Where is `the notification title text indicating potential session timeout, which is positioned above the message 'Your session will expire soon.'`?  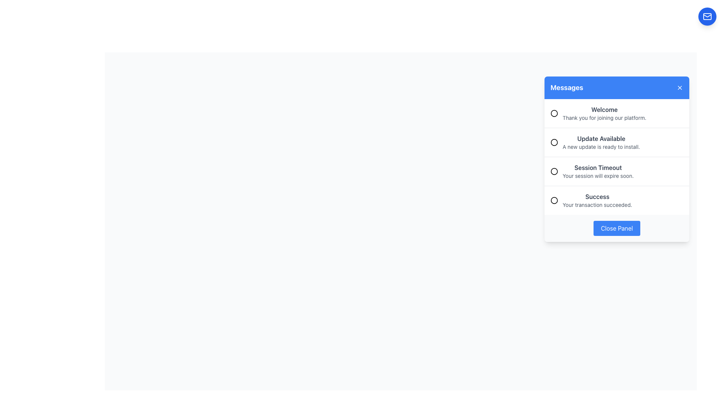 the notification title text indicating potential session timeout, which is positioned above the message 'Your session will expire soon.' is located at coordinates (597, 167).